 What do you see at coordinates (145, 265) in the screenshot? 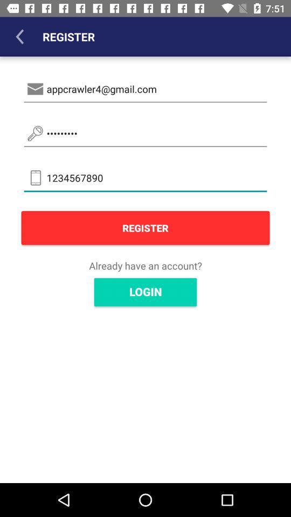
I see `the already have an icon` at bounding box center [145, 265].